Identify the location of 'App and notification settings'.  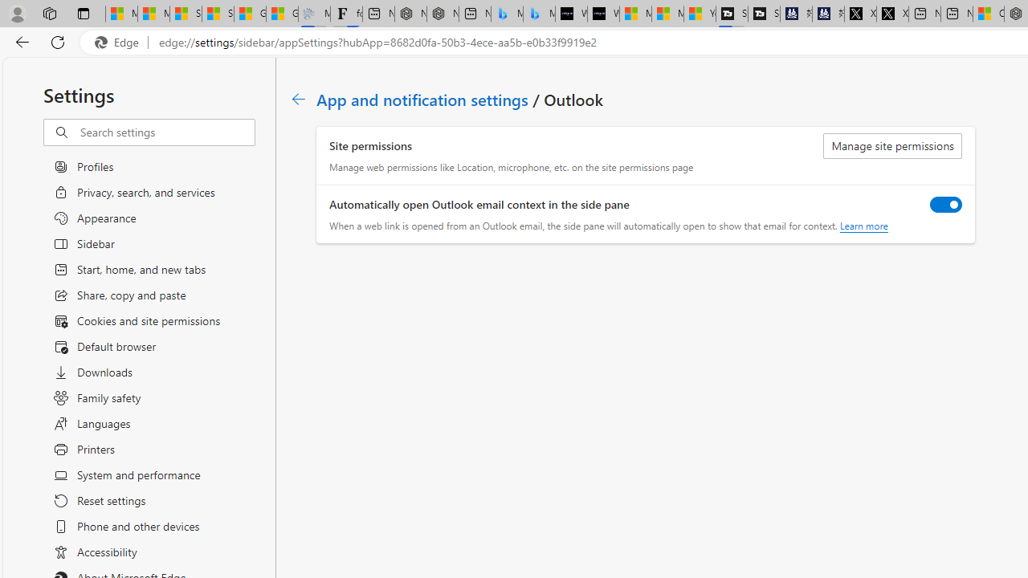
(423, 99).